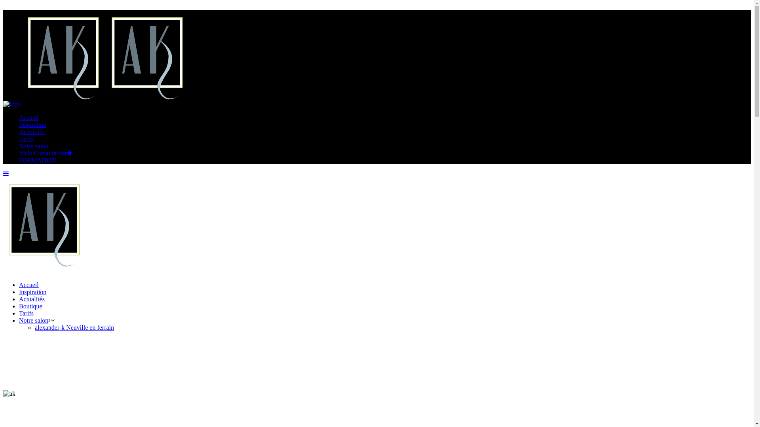 The width and height of the screenshot is (760, 427). Describe the element at coordinates (26, 138) in the screenshot. I see `'Tarifs'` at that location.